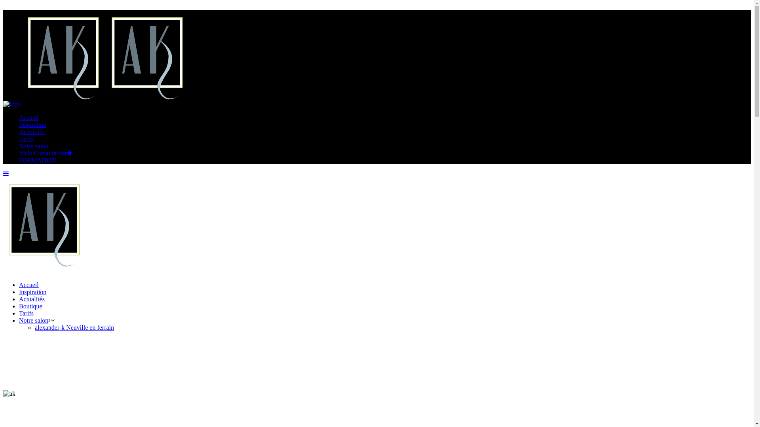 The width and height of the screenshot is (760, 427). Describe the element at coordinates (26, 138) in the screenshot. I see `'Tarifs'` at that location.